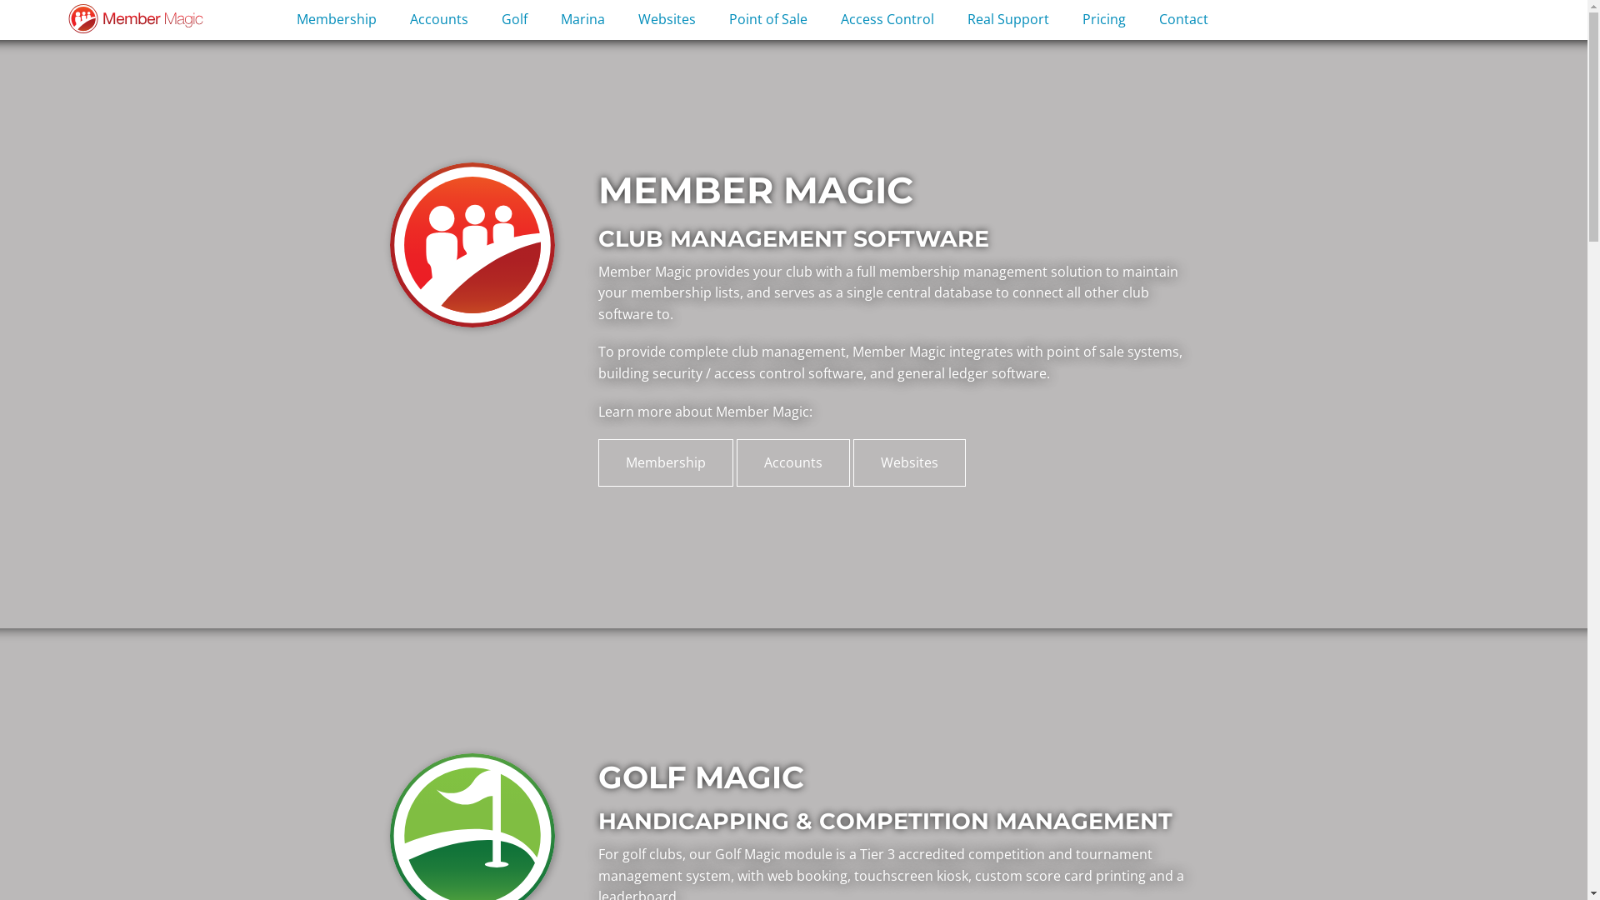  I want to click on 'Pricing', so click(1103, 20).